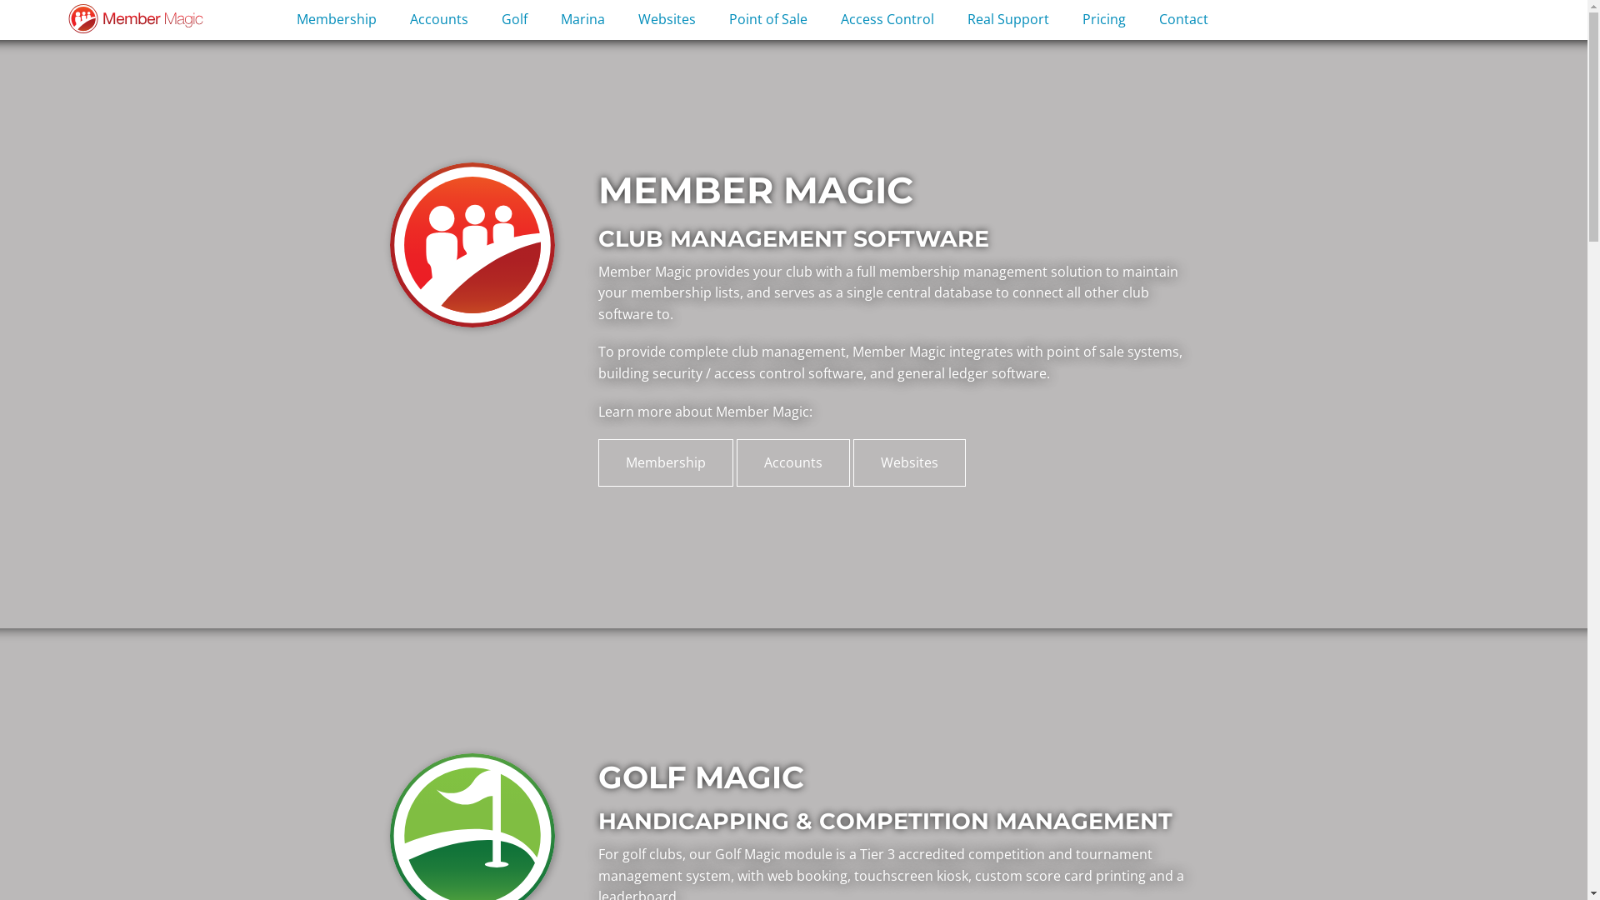  I want to click on 'Pricing', so click(1103, 20).